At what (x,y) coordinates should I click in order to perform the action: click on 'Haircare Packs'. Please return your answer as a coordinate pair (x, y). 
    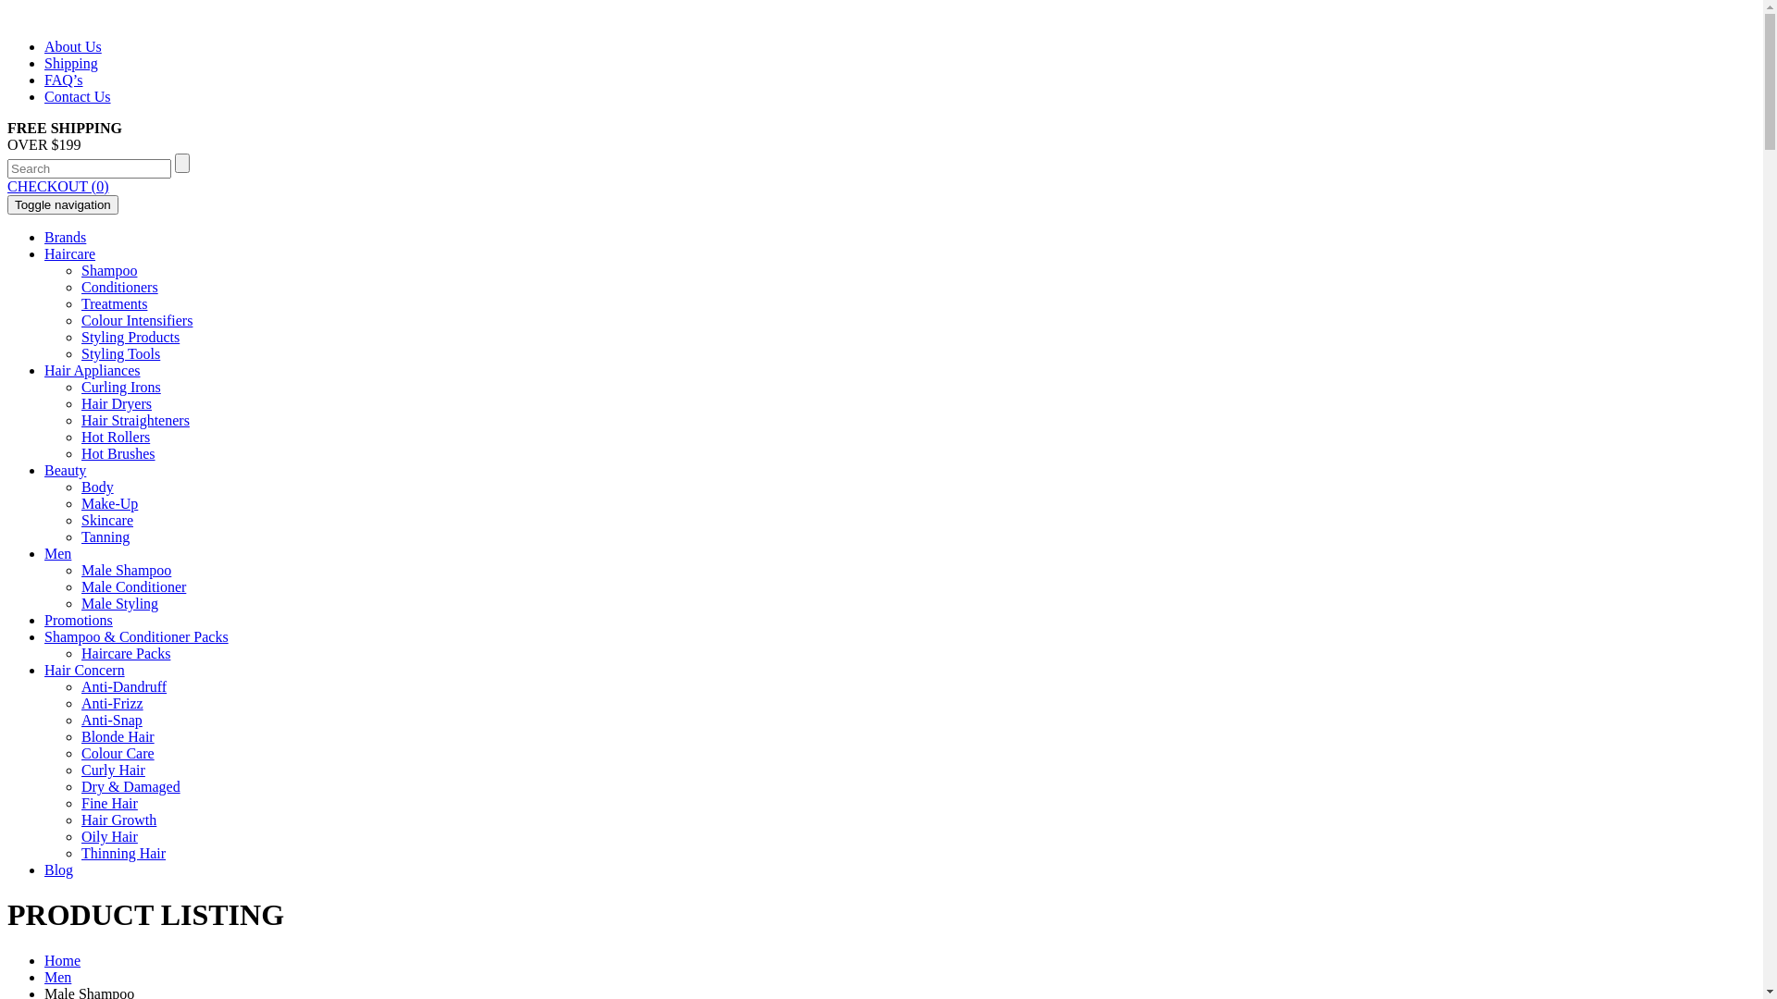
    Looking at the image, I should click on (80, 652).